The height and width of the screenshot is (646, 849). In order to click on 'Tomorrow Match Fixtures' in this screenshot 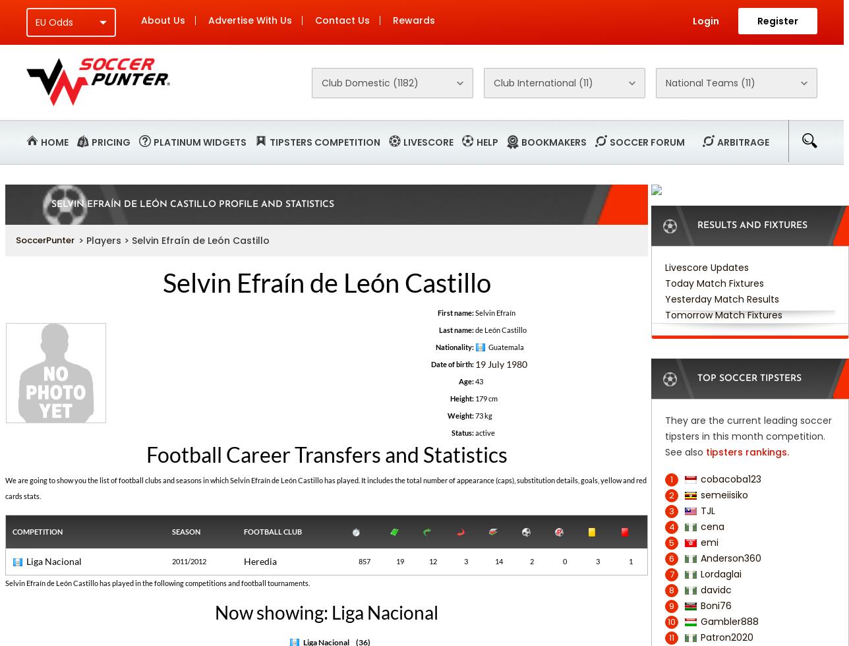, I will do `click(724, 315)`.